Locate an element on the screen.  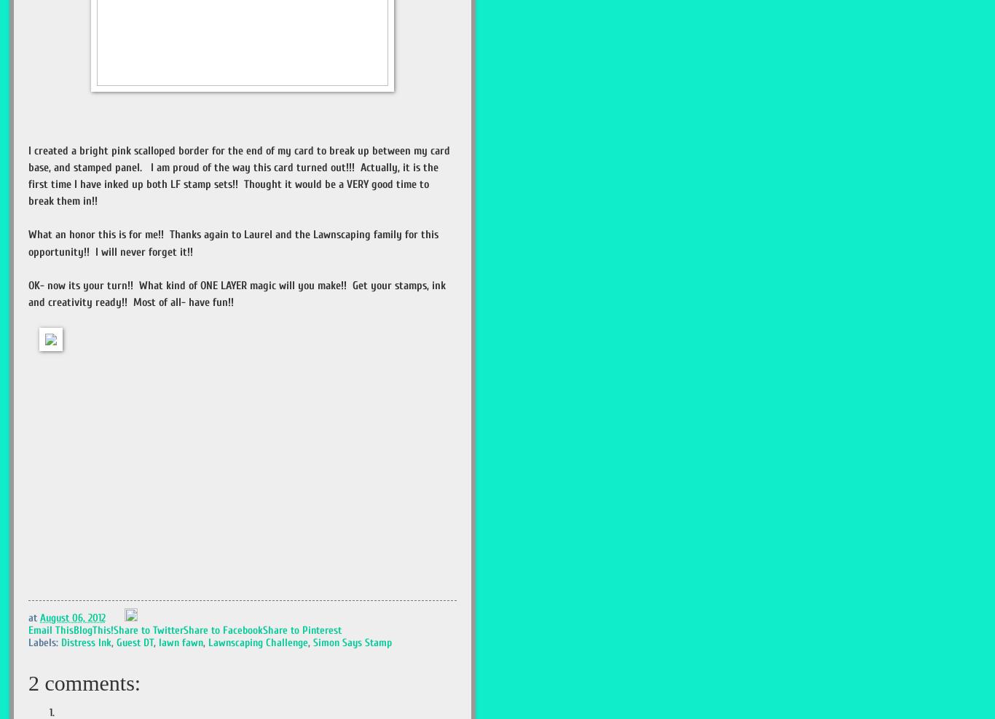
'Simon Says Stamp' is located at coordinates (312, 642).